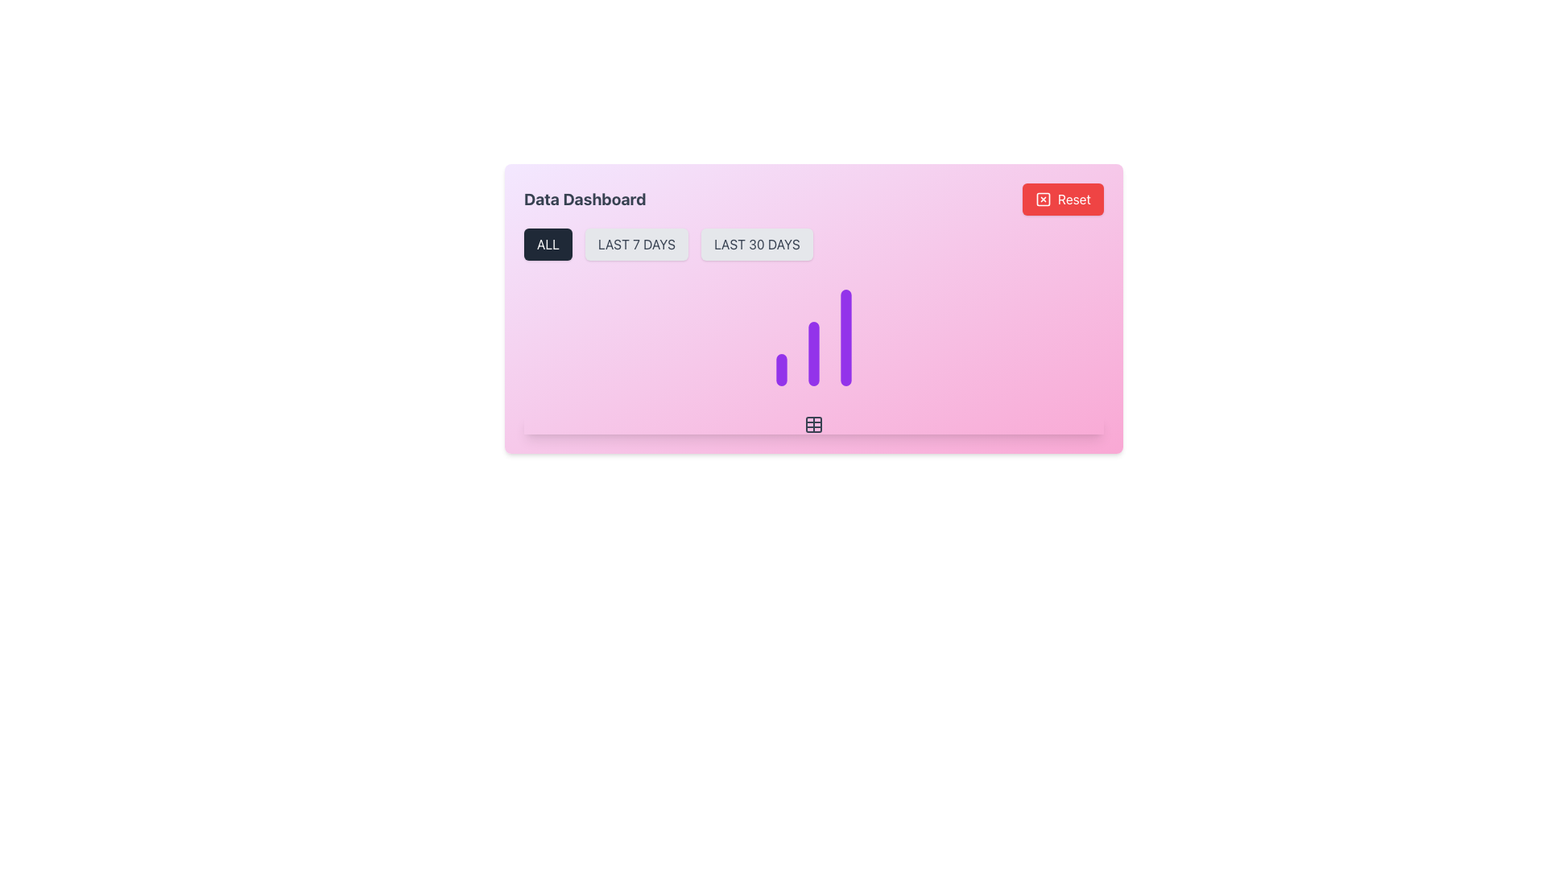  I want to click on the 'ALL' button, which is a rectangular button with white text on a dark gray background, located below the title 'Data Dashboard' in the top-left of the interface, to observe its hover effect, so click(548, 245).